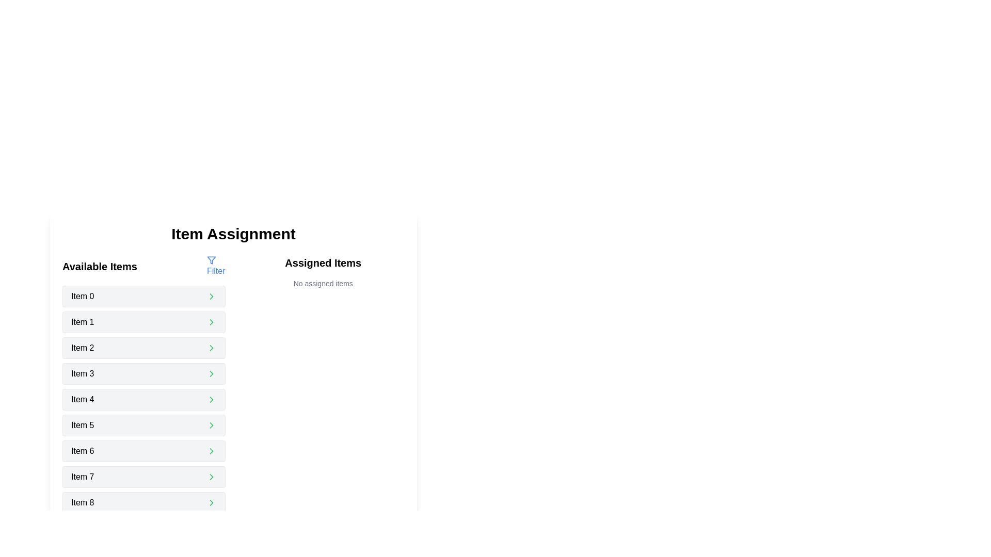 The width and height of the screenshot is (991, 557). What do you see at coordinates (211, 399) in the screenshot?
I see `the green right-arrow icon located on the right side of the 'Item 4' row` at bounding box center [211, 399].